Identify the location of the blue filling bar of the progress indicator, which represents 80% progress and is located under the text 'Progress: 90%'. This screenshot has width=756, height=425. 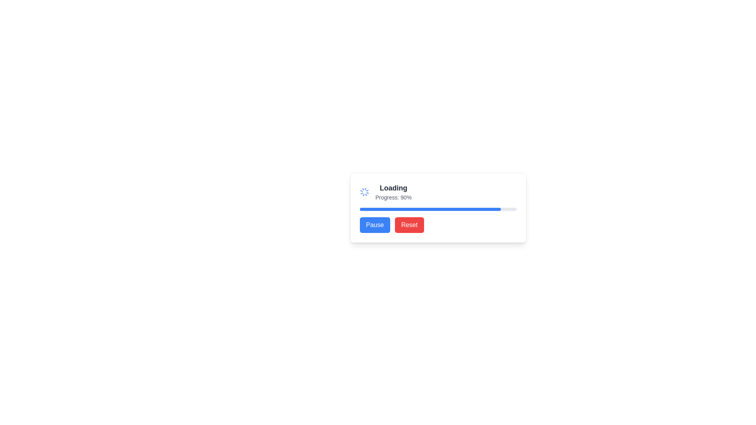
(422, 209).